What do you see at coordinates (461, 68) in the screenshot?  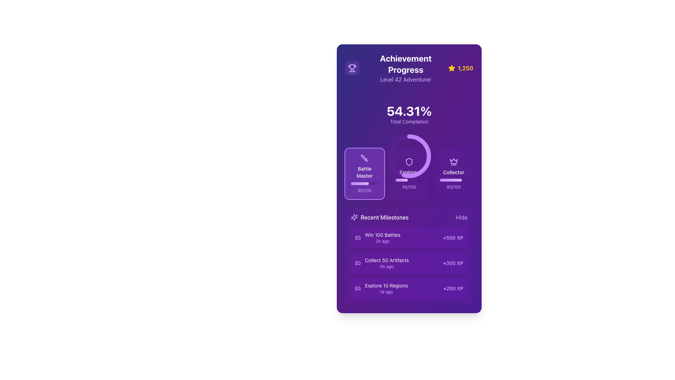 I see `the golden star icon and bold yellow text '1,250' in the top-right corner of the 'Achievement Progress' card` at bounding box center [461, 68].